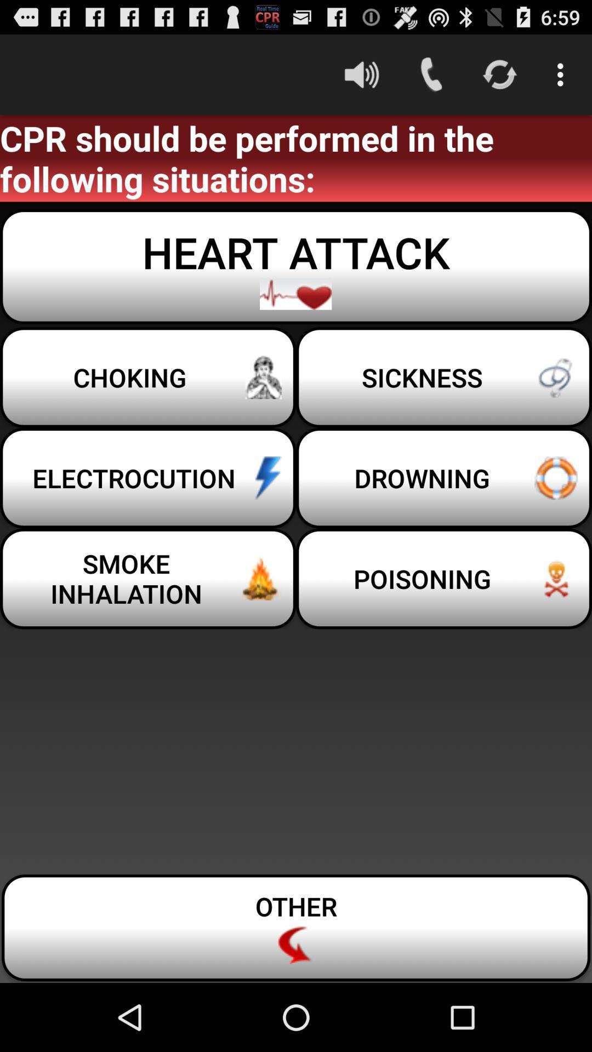 This screenshot has width=592, height=1052. What do you see at coordinates (296, 927) in the screenshot?
I see `item below smoke inhalation item` at bounding box center [296, 927].